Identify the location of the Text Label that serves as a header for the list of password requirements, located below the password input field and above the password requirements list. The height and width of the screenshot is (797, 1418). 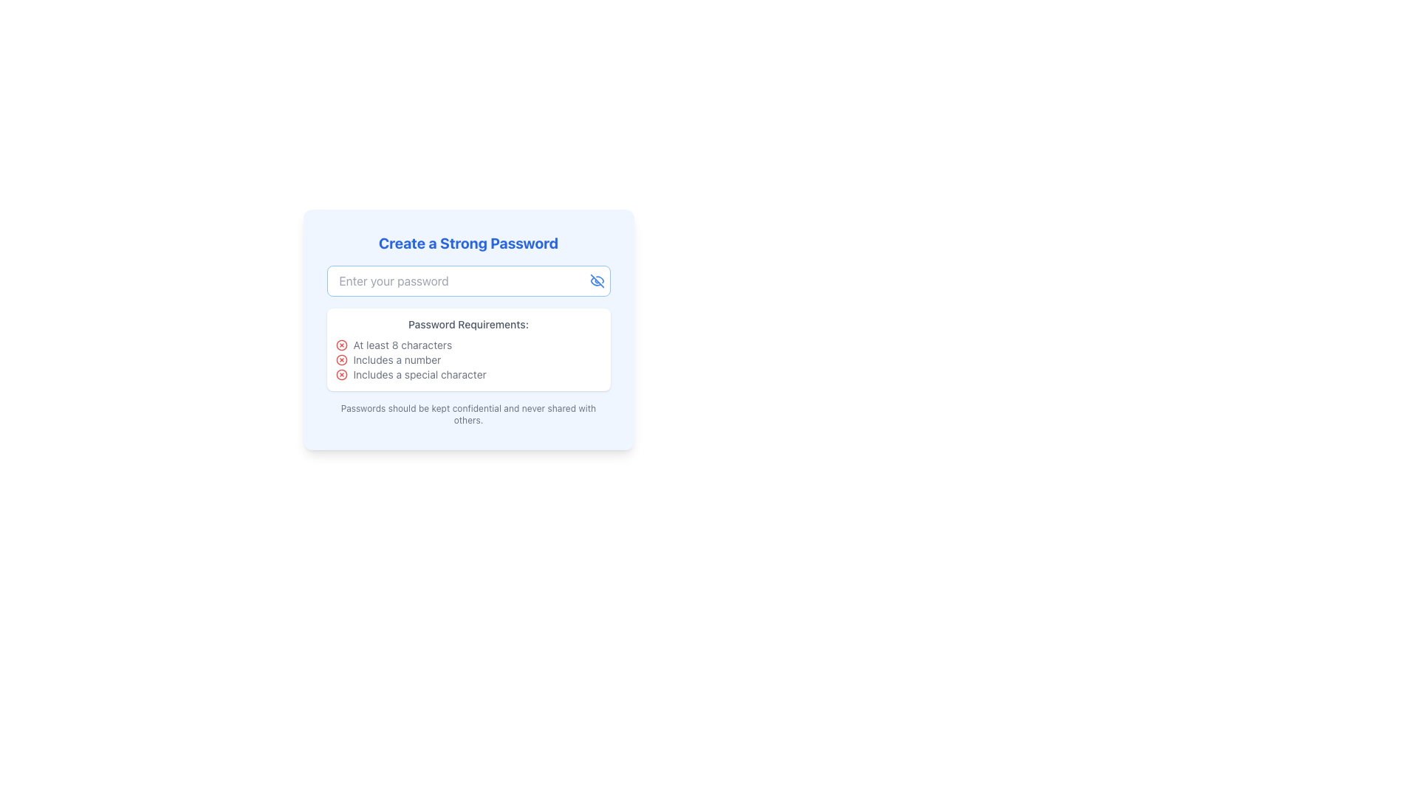
(467, 323).